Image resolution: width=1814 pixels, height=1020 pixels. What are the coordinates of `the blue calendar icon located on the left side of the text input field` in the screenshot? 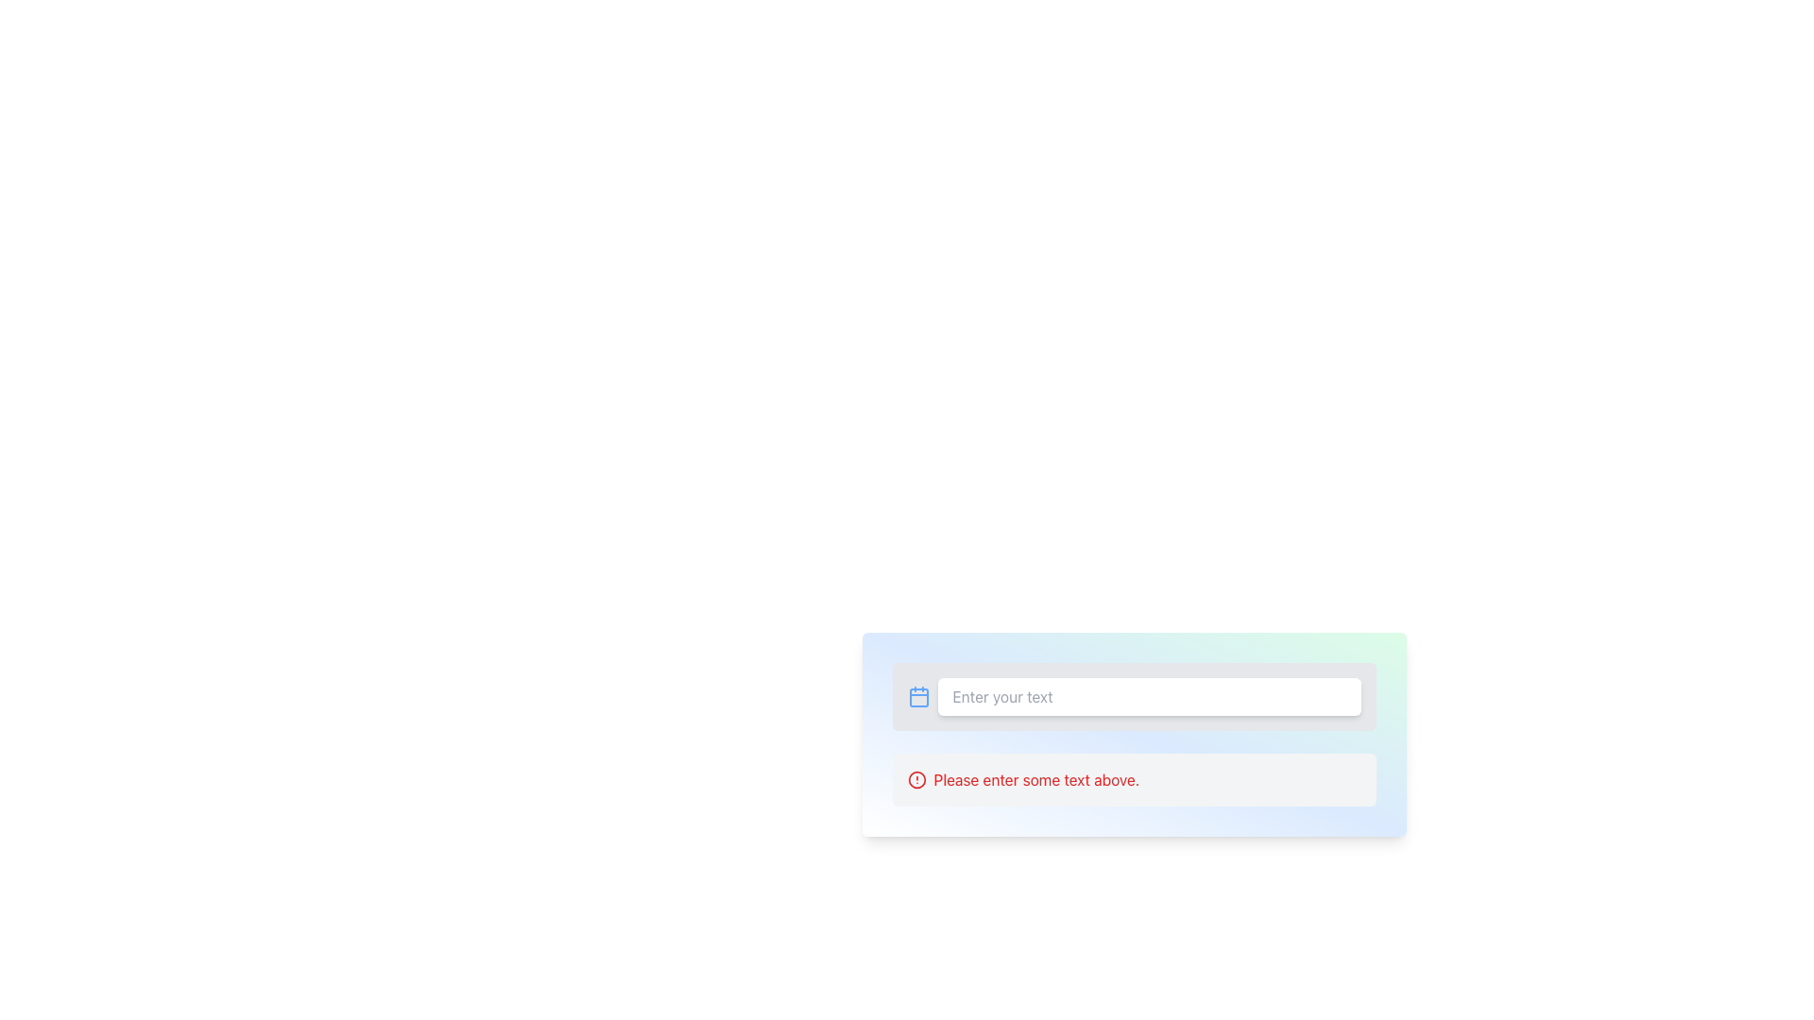 It's located at (918, 696).